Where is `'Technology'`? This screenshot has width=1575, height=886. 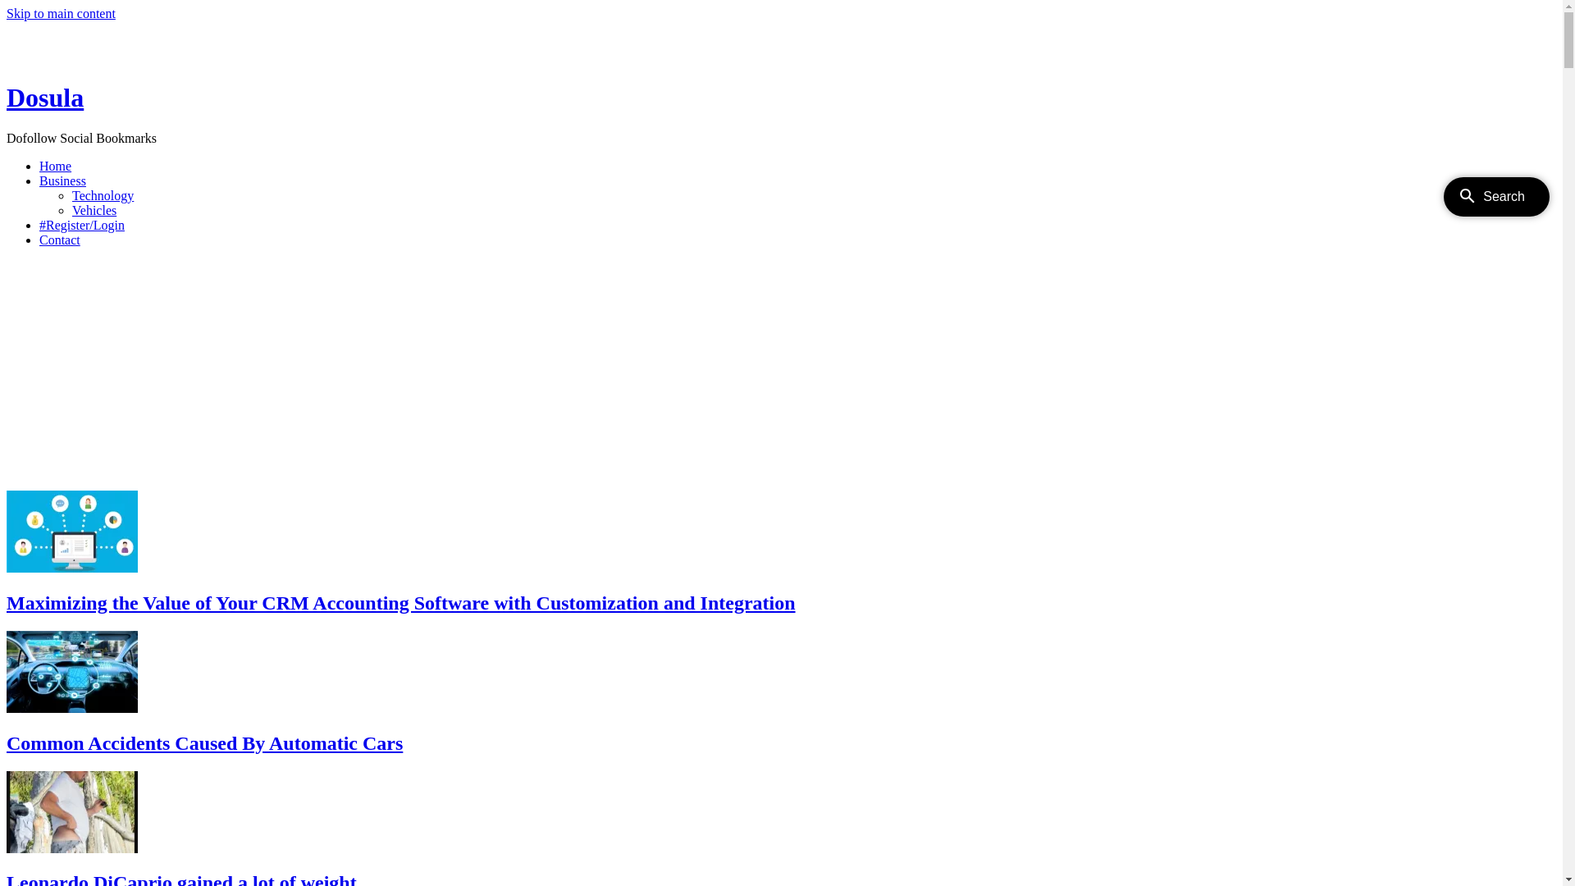 'Technology' is located at coordinates (102, 194).